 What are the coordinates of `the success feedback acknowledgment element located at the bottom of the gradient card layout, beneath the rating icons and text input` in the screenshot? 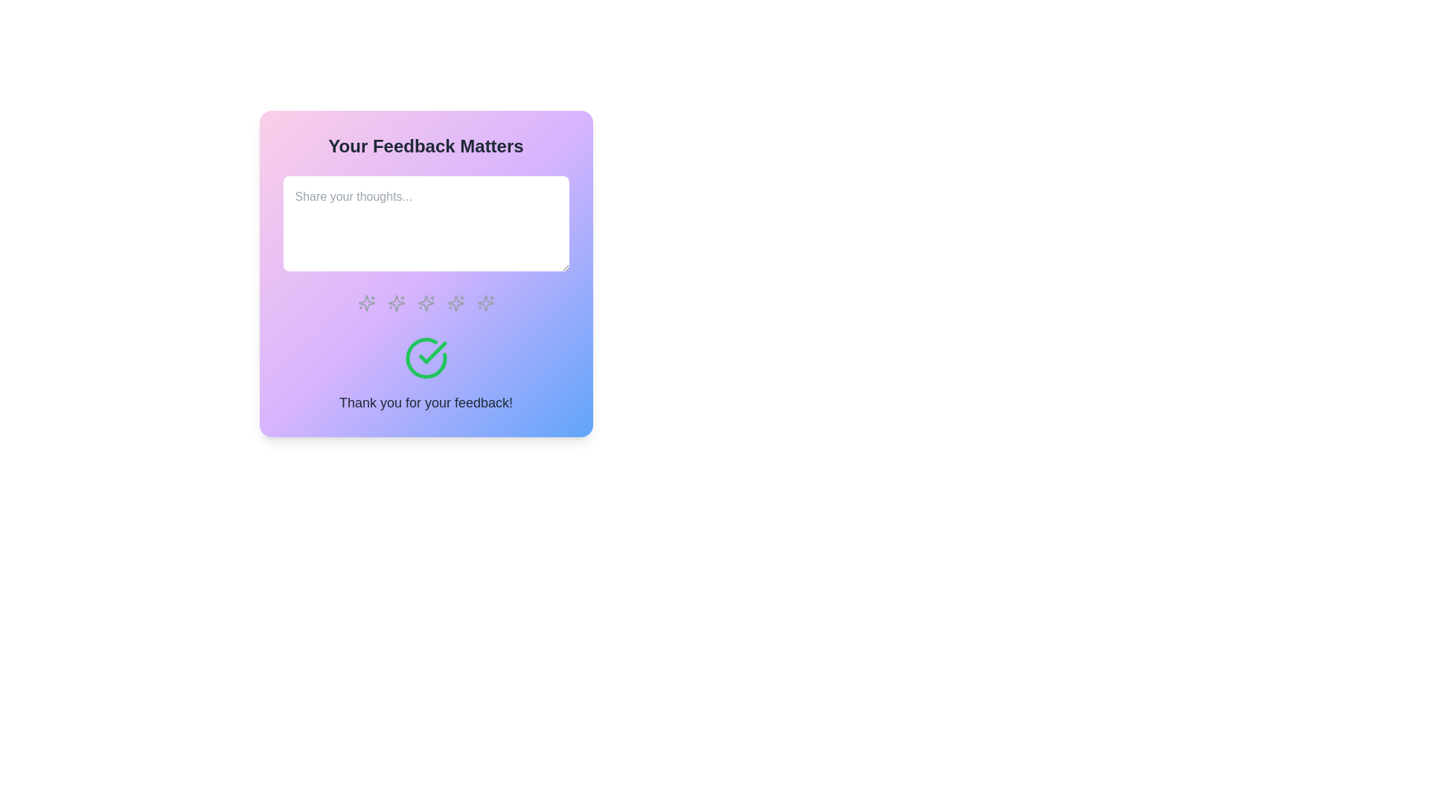 It's located at (425, 374).